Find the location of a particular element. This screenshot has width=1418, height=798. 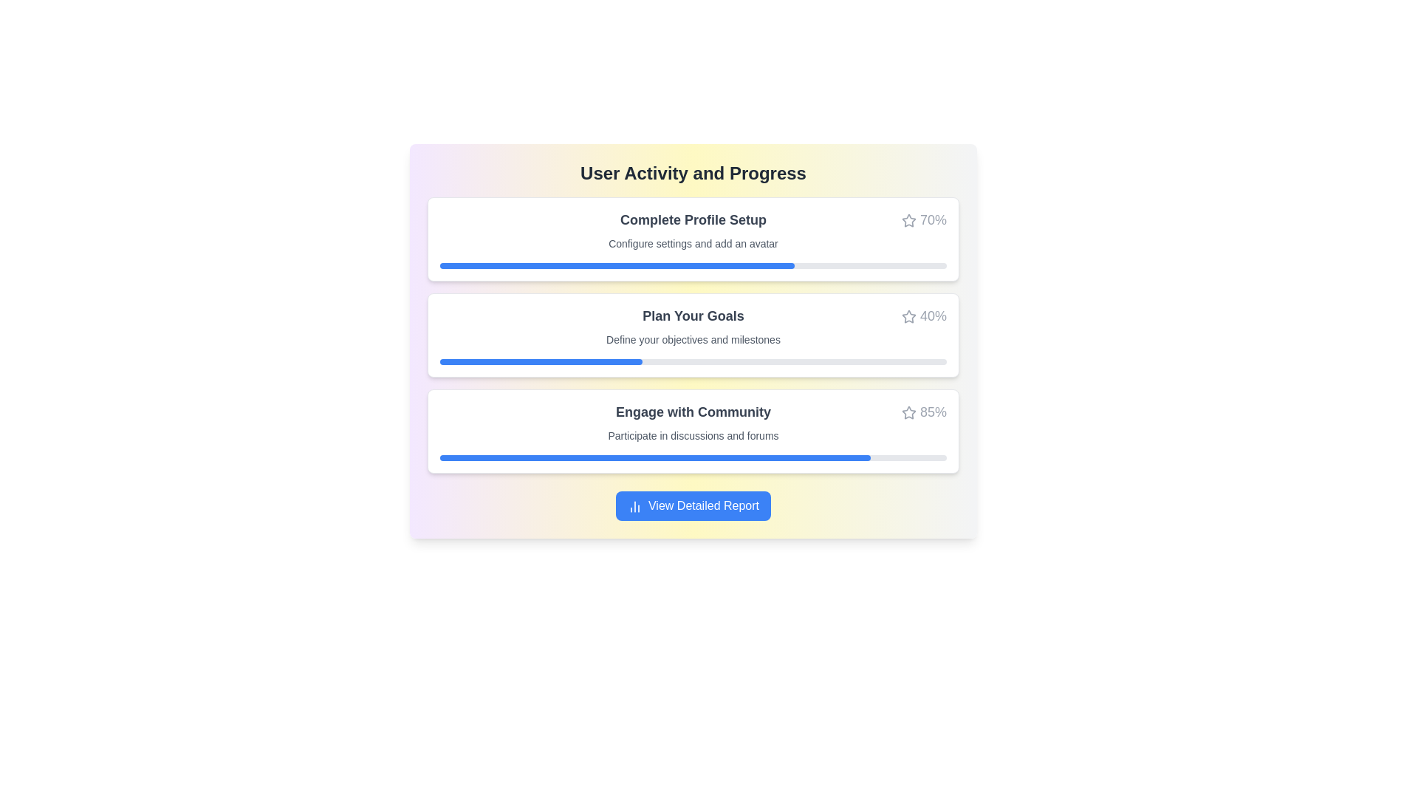

the star-shaped icon with a line drawing appearance located in the third row of the progress area labeled 'Engage with Community', positioned to the right of the percentage indicator (85%) is located at coordinates (908, 413).